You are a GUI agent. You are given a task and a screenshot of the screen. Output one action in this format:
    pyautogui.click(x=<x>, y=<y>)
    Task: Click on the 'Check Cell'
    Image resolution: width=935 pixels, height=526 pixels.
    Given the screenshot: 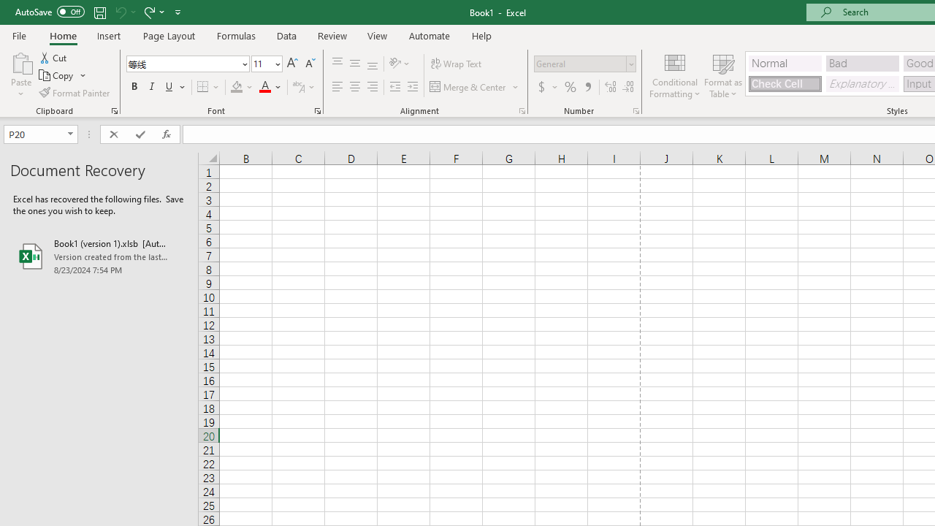 What is the action you would take?
    pyautogui.click(x=784, y=83)
    